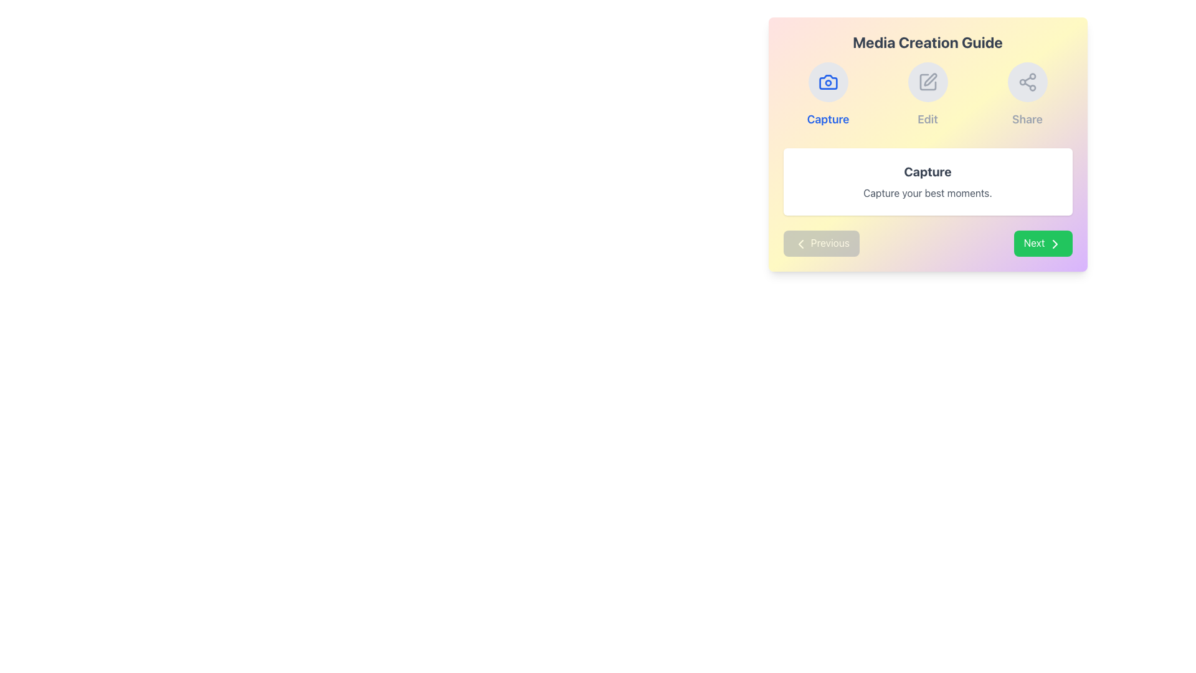  Describe the element at coordinates (1027, 82) in the screenshot. I see `the rightmost circular light gray button with a share icon in the 'Media Creation Guide' interface` at that location.